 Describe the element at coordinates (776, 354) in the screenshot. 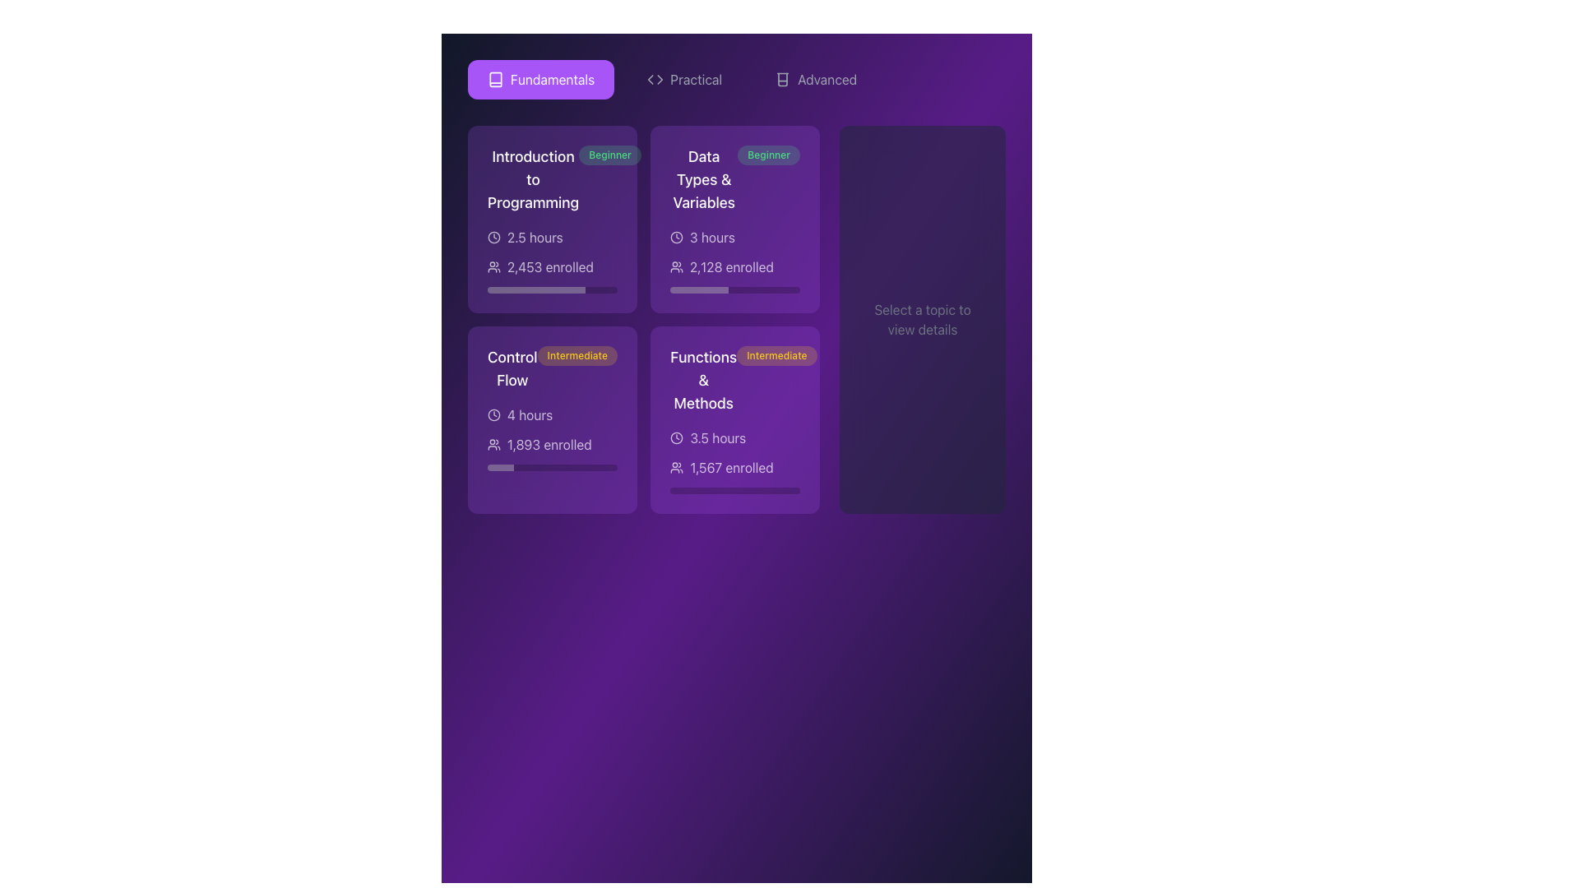

I see `the pill-shaped label with a rounded yellow background that reads 'Intermediate', positioned to the right of 'Functions & Methods' on a purple gradient background` at that location.